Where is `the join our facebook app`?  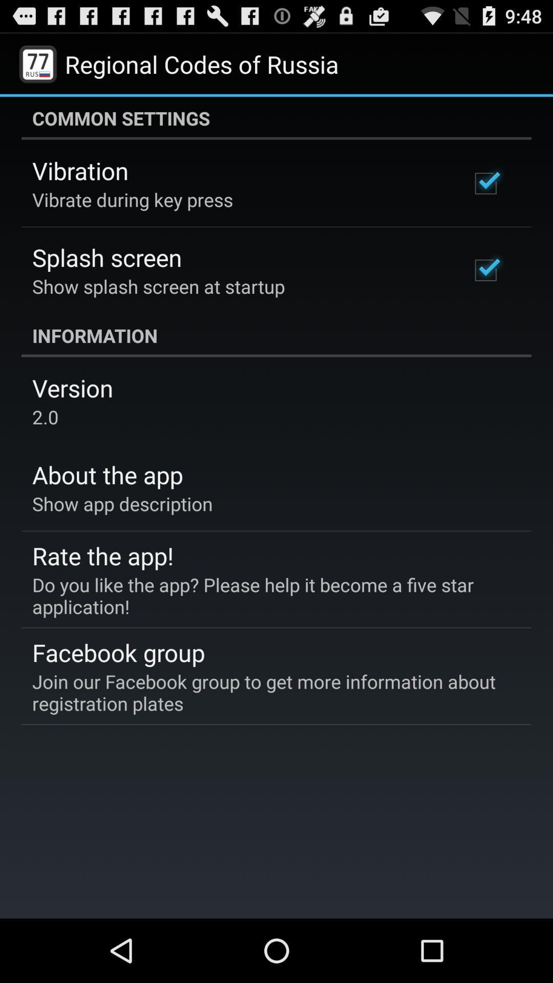 the join our facebook app is located at coordinates (269, 692).